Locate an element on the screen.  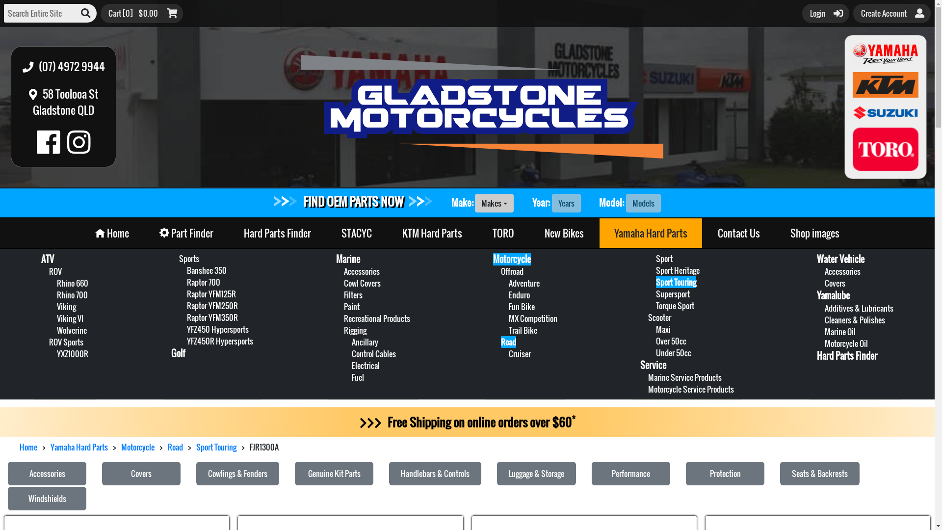
'Rhino 700' is located at coordinates (56, 294).